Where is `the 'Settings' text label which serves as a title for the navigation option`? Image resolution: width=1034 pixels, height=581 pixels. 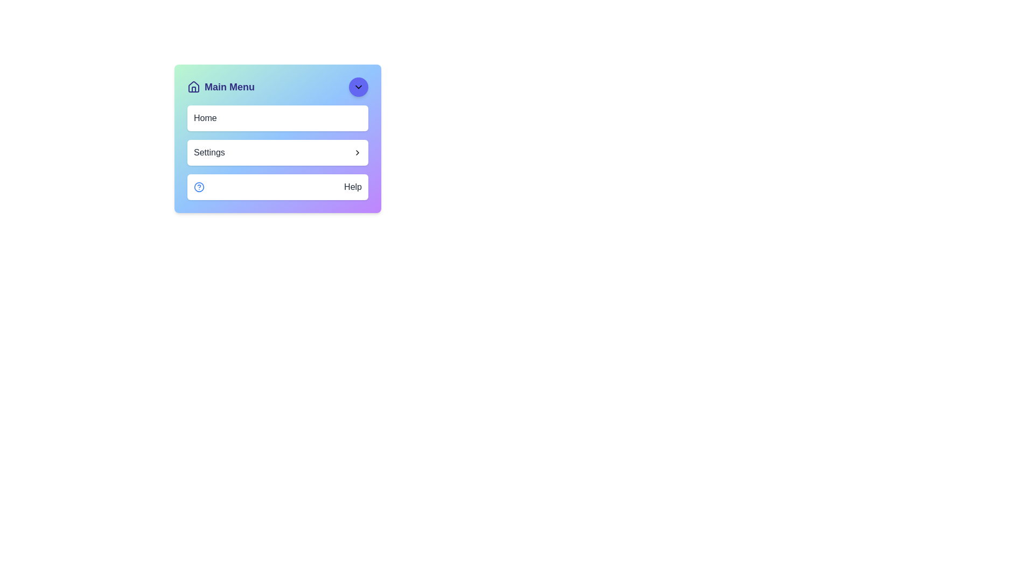
the 'Settings' text label which serves as a title for the navigation option is located at coordinates (209, 153).